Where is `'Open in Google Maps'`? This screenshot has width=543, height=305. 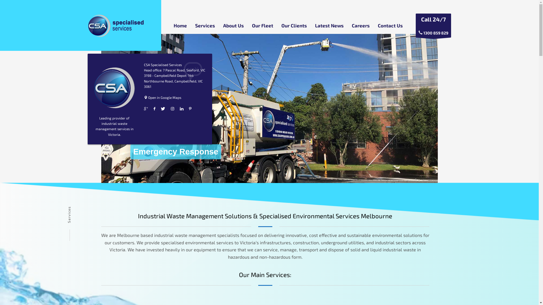 'Open in Google Maps' is located at coordinates (162, 97).